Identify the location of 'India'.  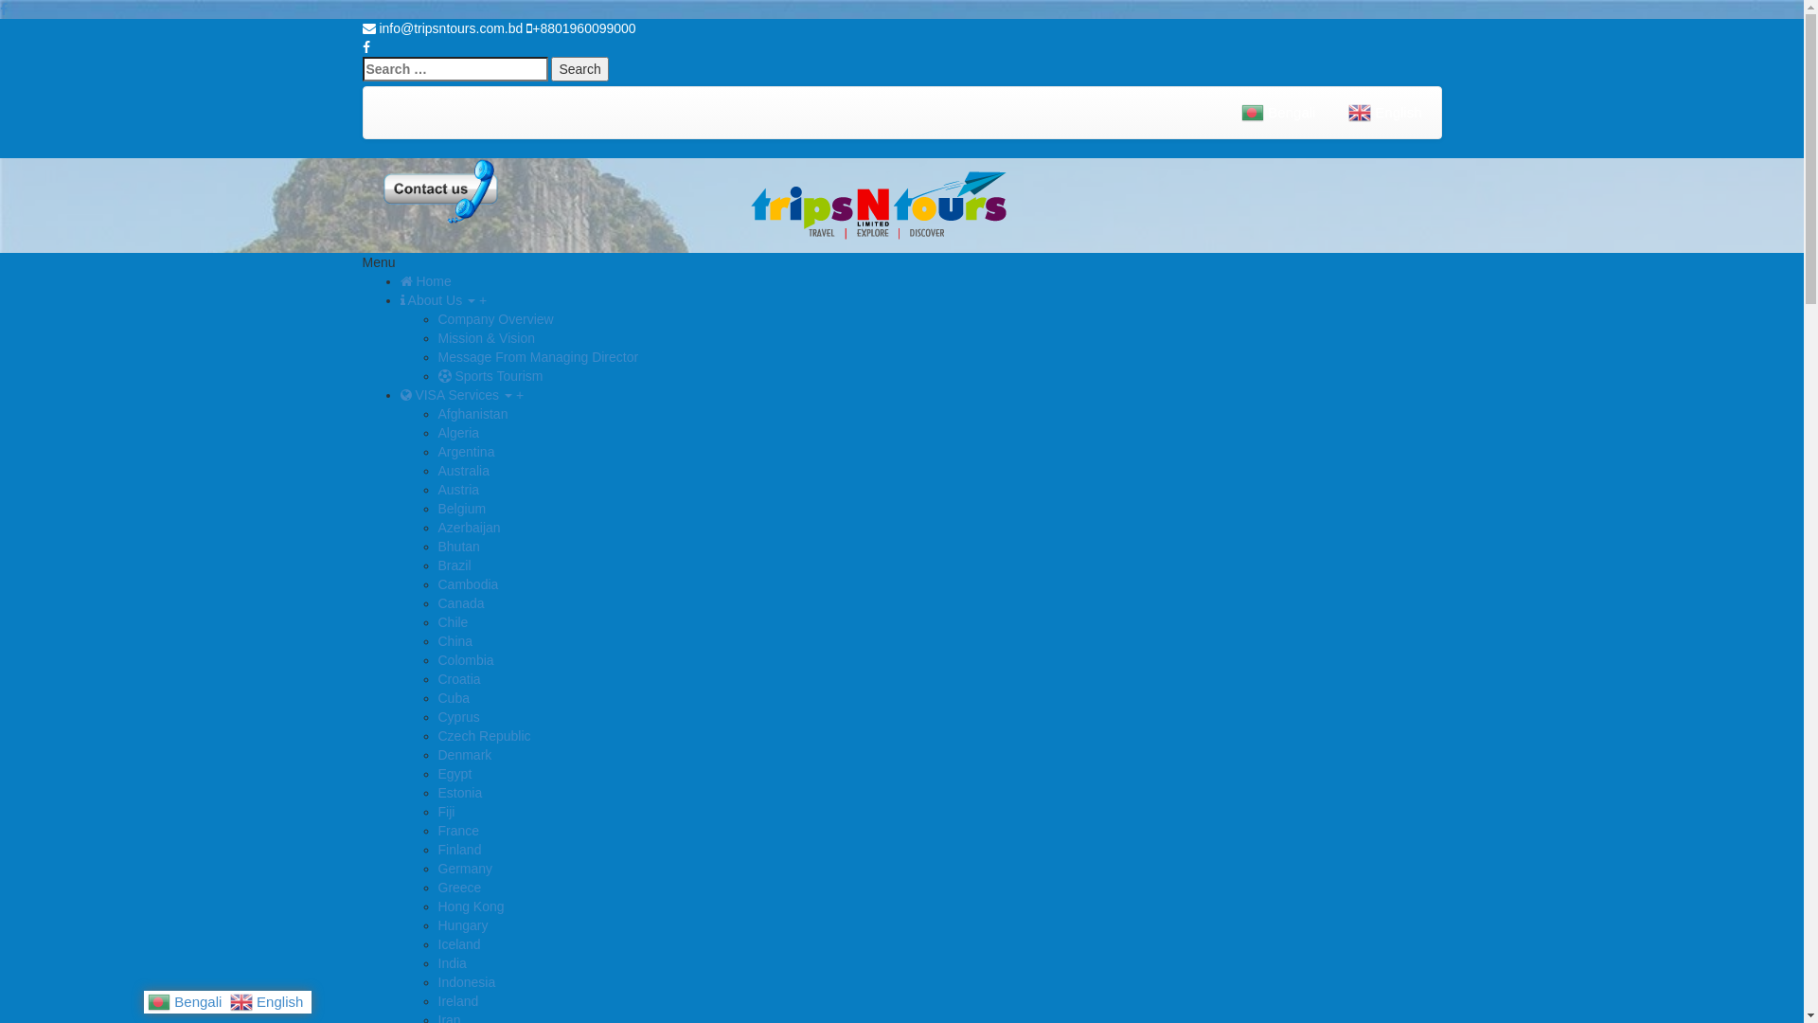
(450, 963).